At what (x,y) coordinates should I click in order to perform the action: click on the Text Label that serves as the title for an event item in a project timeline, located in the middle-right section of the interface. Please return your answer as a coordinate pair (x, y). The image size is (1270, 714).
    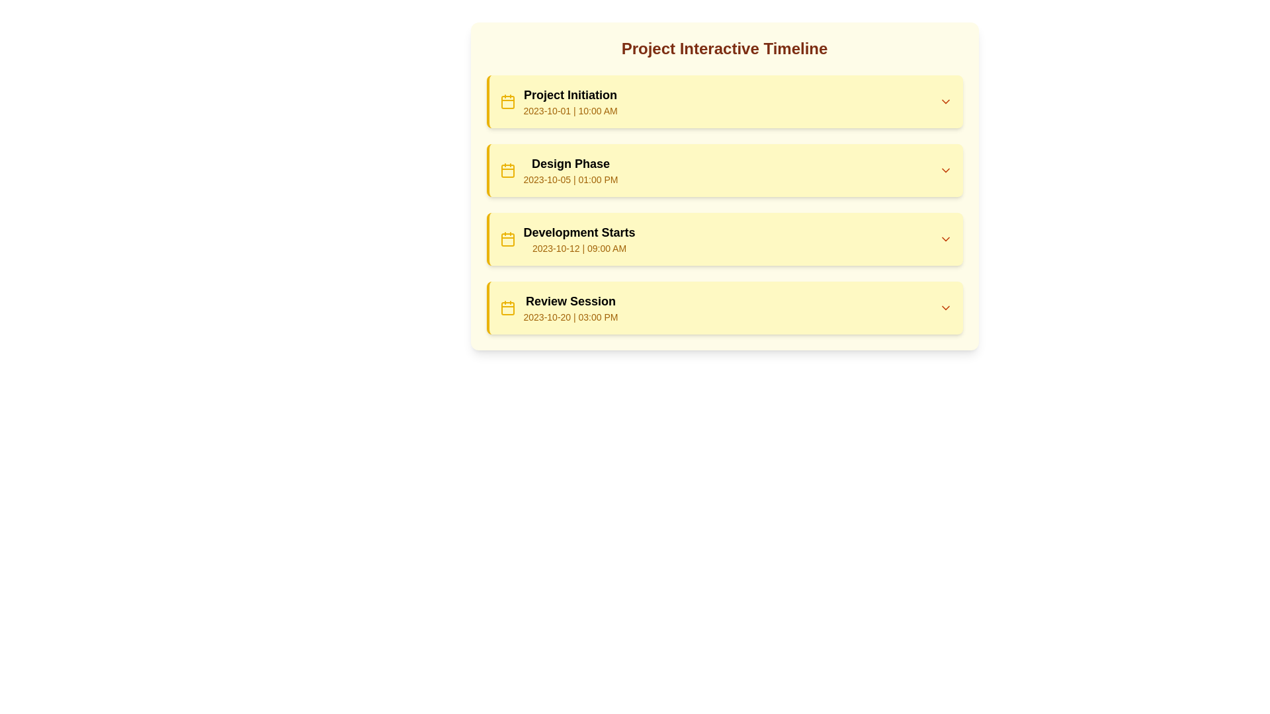
    Looking at the image, I should click on (579, 231).